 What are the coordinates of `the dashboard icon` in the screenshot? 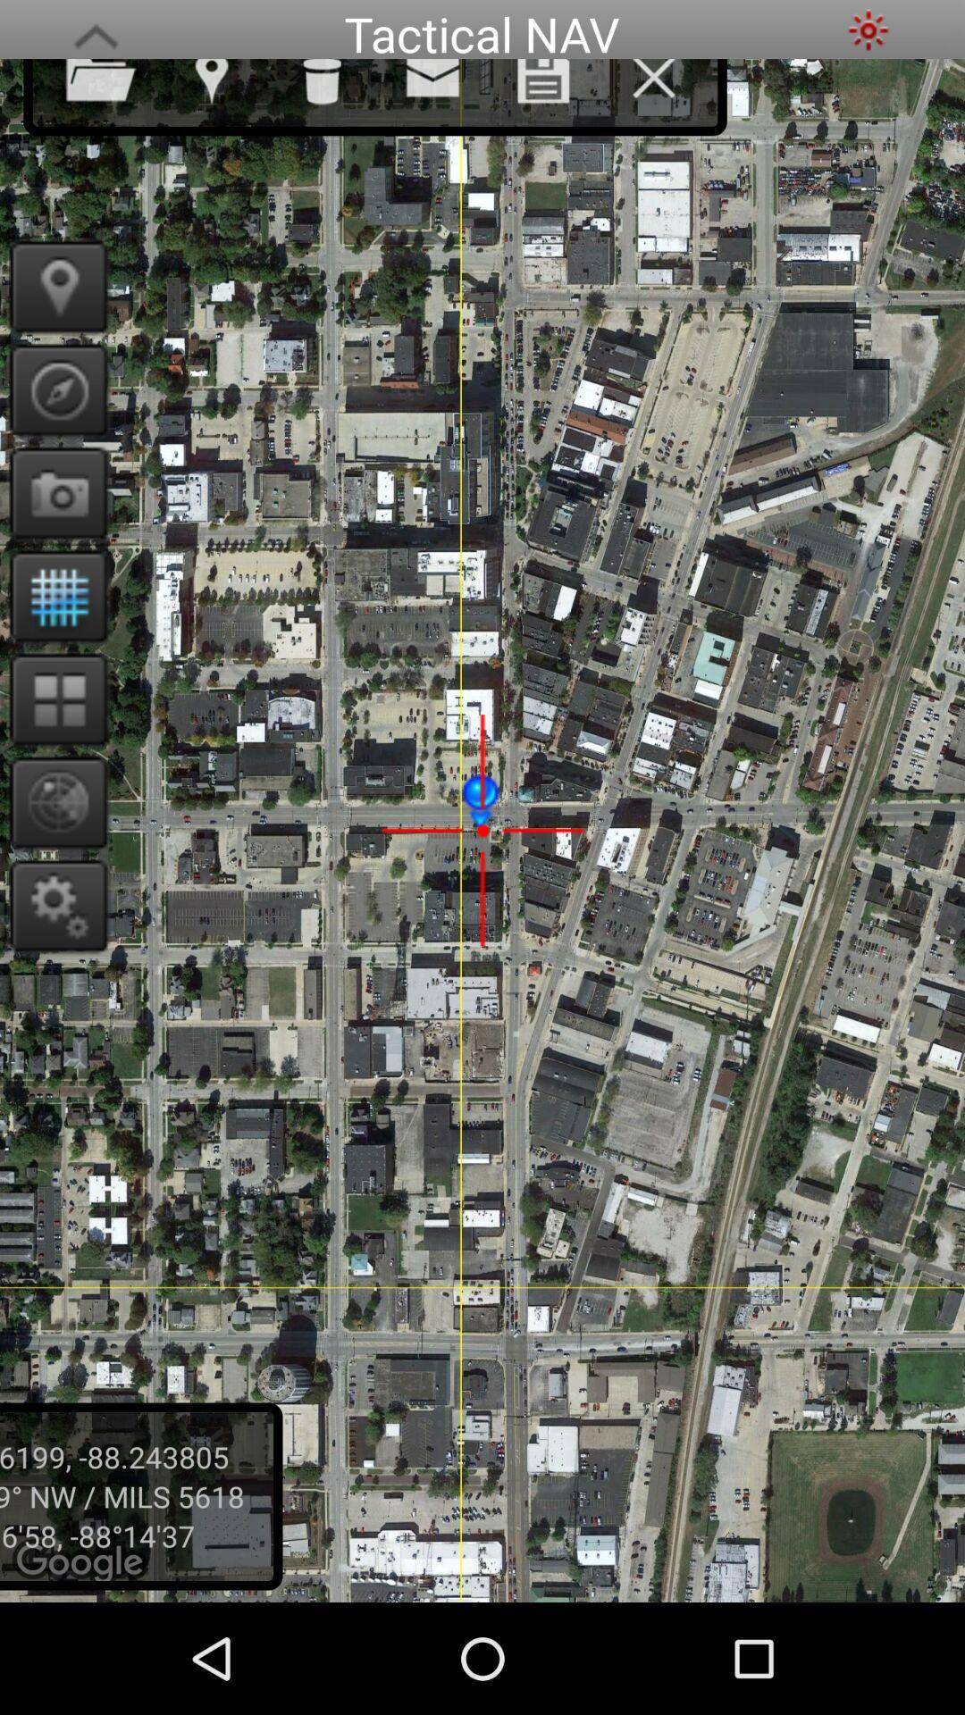 It's located at (52, 749).